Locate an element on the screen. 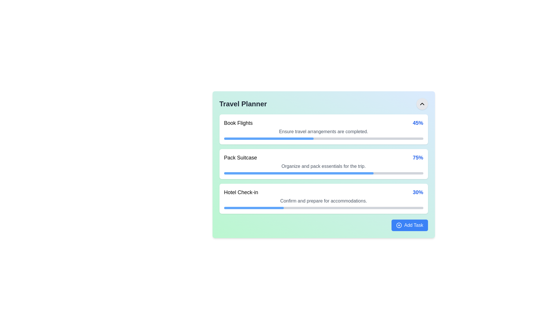  the 'Pack Suitcase' text label located in the second section of the 'Travel Planner' interface for reading is located at coordinates (240, 158).